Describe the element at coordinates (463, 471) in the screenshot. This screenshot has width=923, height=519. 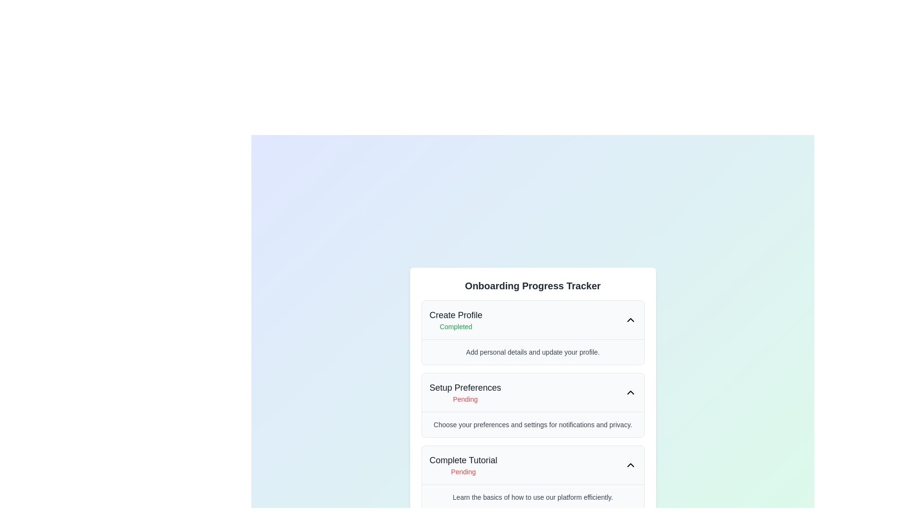
I see `the text label displaying 'Pending' in red color, which is positioned near the bottom of the 'Complete Tutorial' section in the Onboarding Progress Tracker interface` at that location.